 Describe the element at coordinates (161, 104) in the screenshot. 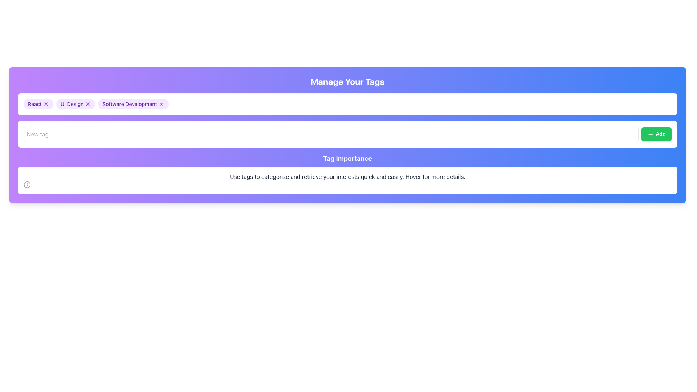

I see `the close button located to the right of the 'Software Development' label within the third tag of the row` at that location.